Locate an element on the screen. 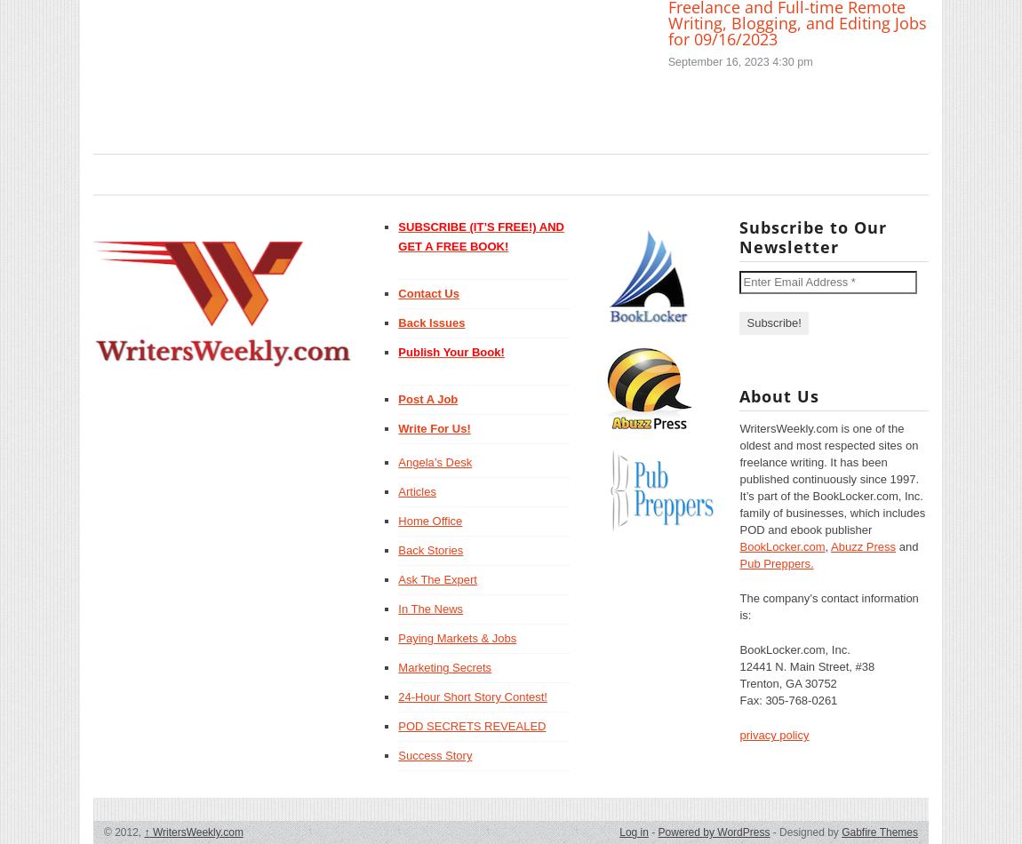 Image resolution: width=1022 pixels, height=844 pixels. 'Success Story' is located at coordinates (435, 754).